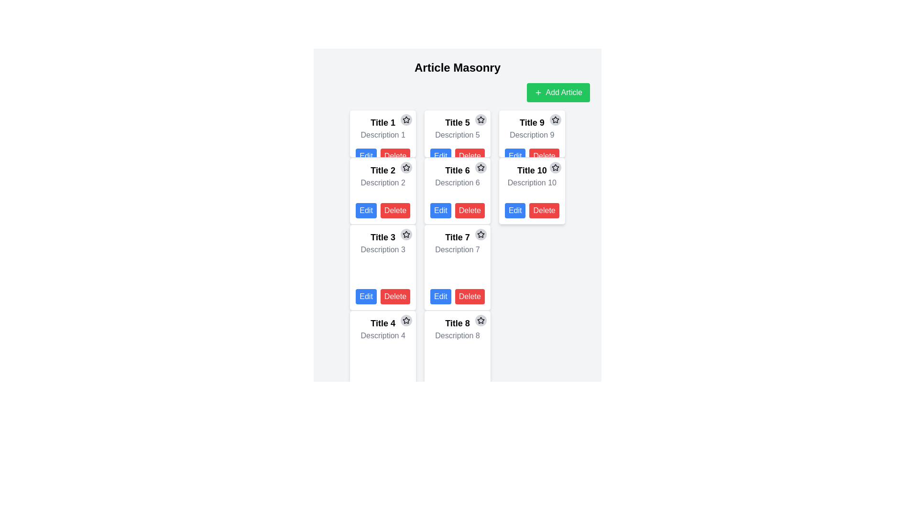 This screenshot has height=516, width=918. What do you see at coordinates (395, 296) in the screenshot?
I see `the 'Delete' button with a red background and white text` at bounding box center [395, 296].